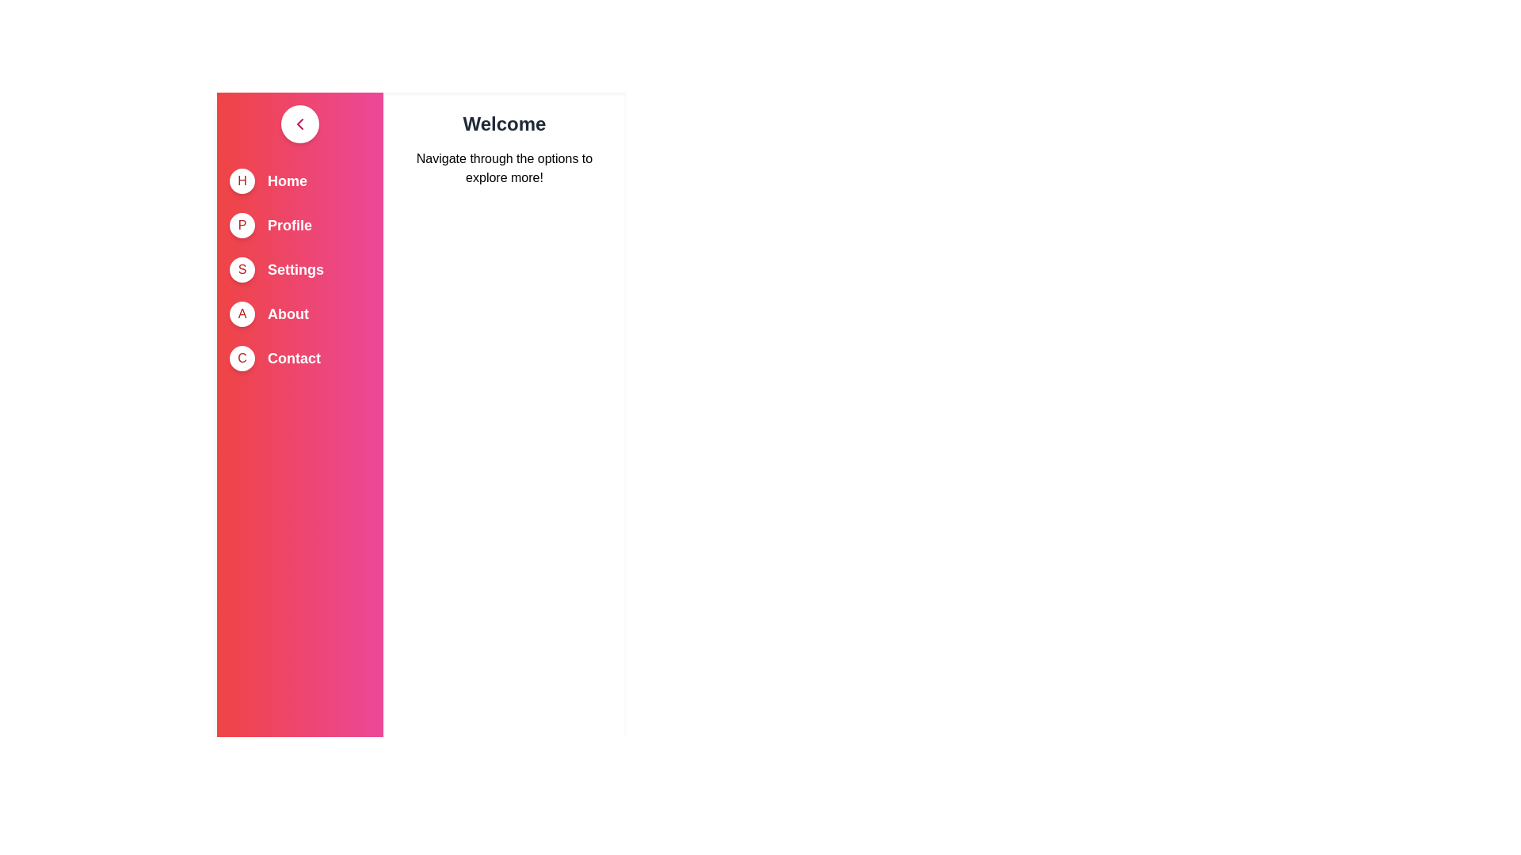 This screenshot has height=855, width=1521. Describe the element at coordinates (288, 314) in the screenshot. I see `the menu item About` at that location.